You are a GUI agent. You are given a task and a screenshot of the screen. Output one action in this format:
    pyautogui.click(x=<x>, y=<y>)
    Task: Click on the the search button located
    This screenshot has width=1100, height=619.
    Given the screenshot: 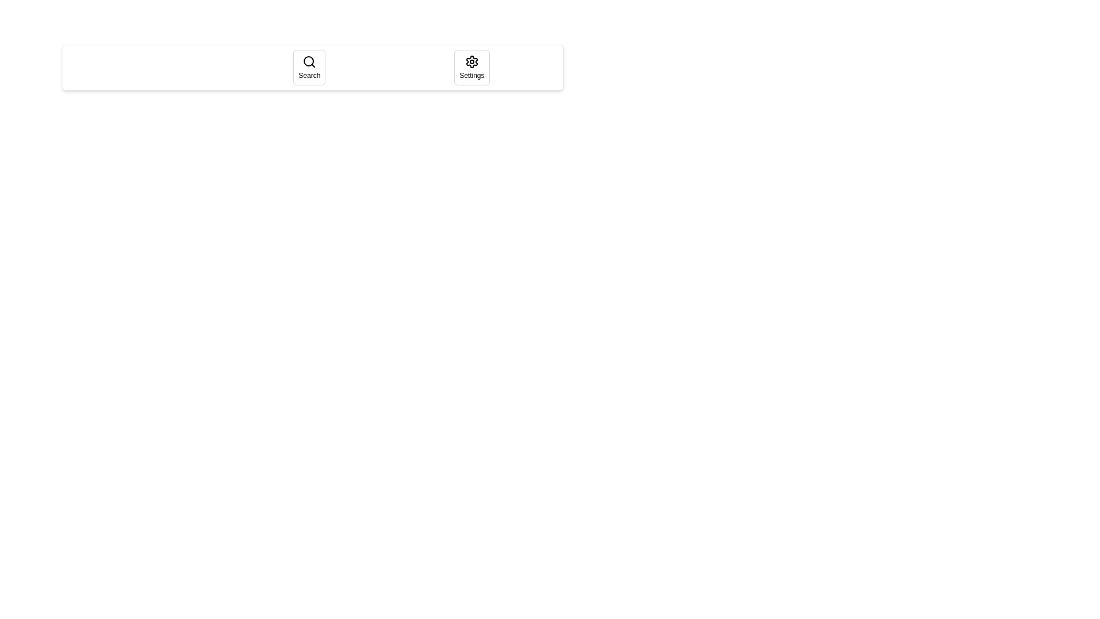 What is the action you would take?
    pyautogui.click(x=309, y=68)
    